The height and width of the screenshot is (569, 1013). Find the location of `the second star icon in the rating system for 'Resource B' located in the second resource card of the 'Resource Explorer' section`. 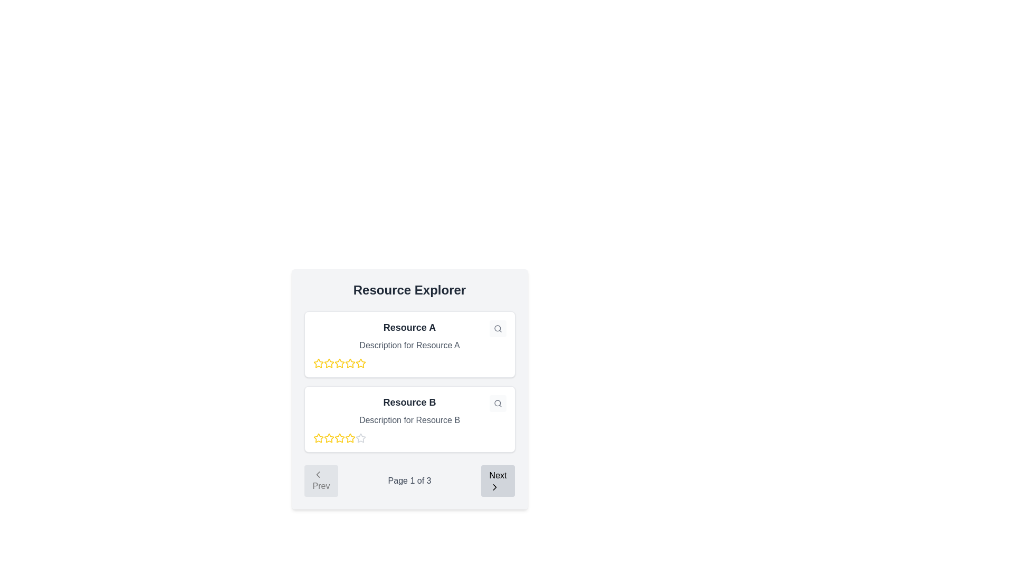

the second star icon in the rating system for 'Resource B' located in the second resource card of the 'Resource Explorer' section is located at coordinates (328, 438).